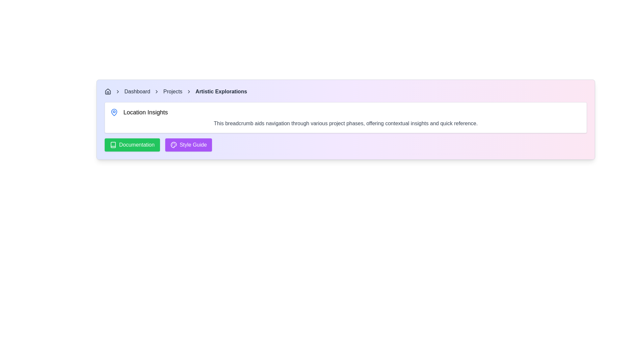  Describe the element at coordinates (113, 144) in the screenshot. I see `the SVG-based graphical illustration within the 'Documentation' button, which is green and located on the left side of a horizontally aligned button group at the bottom of the dashboard` at that location.